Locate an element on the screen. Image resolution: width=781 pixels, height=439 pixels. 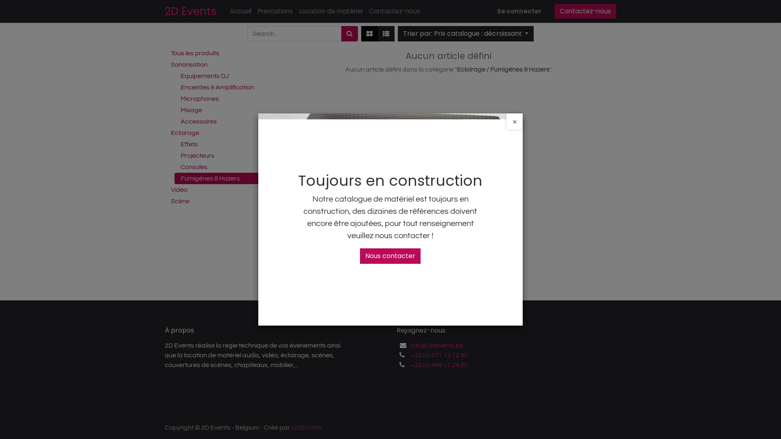
'Prestations' is located at coordinates (275, 11).